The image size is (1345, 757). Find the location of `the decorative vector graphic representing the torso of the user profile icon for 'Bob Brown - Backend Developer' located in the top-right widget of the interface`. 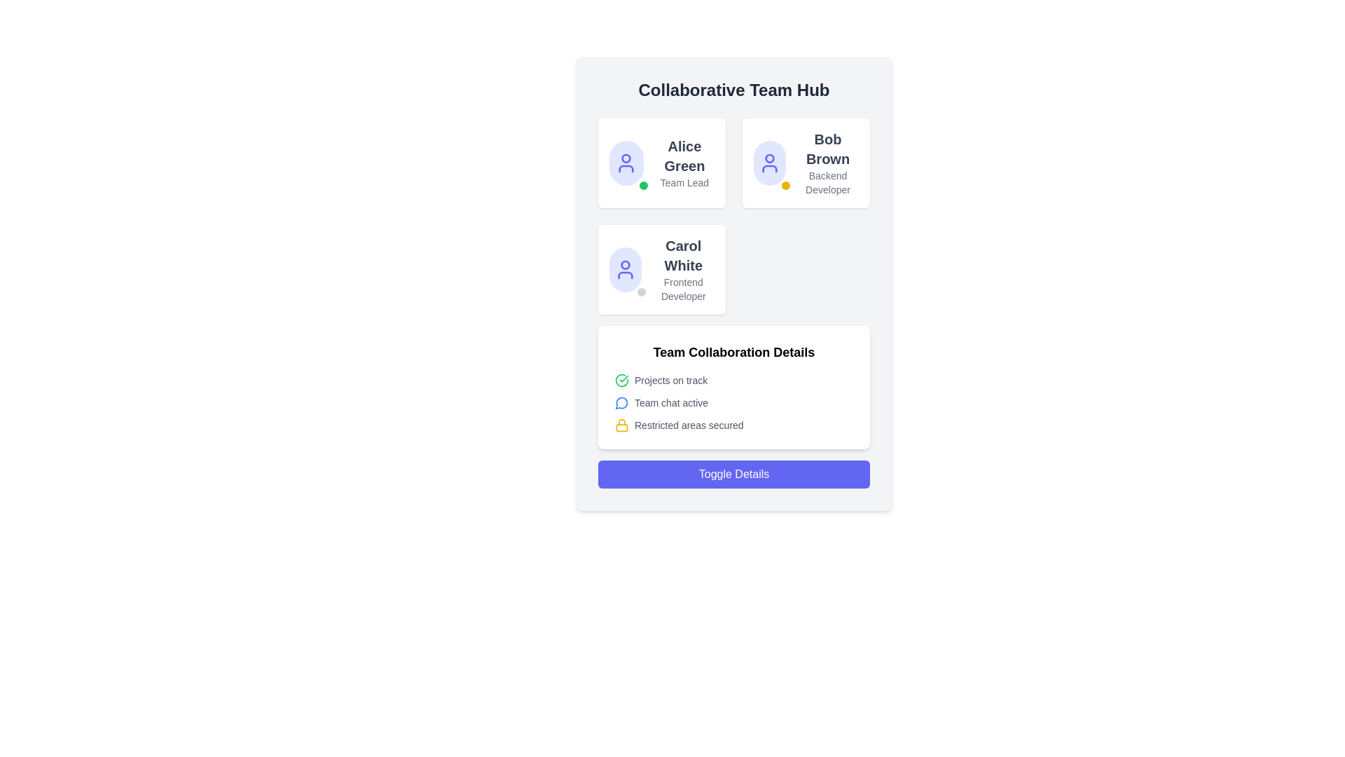

the decorative vector graphic representing the torso of the user profile icon for 'Bob Brown - Backend Developer' located in the top-right widget of the interface is located at coordinates (769, 168).